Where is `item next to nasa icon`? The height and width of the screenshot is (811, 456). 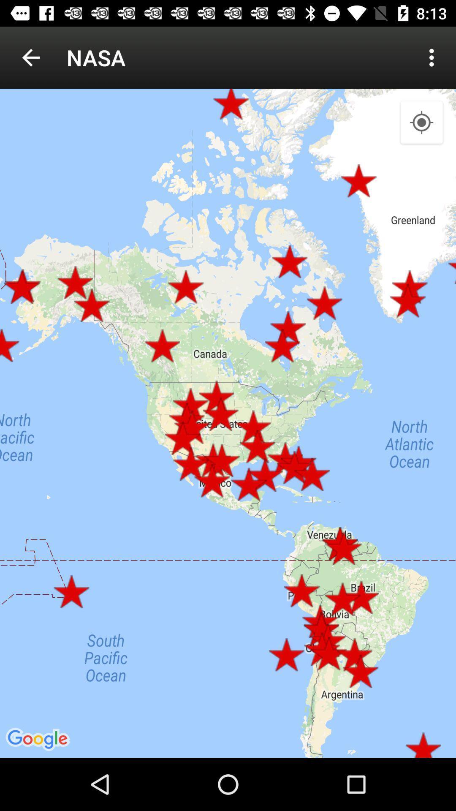 item next to nasa icon is located at coordinates (434, 57).